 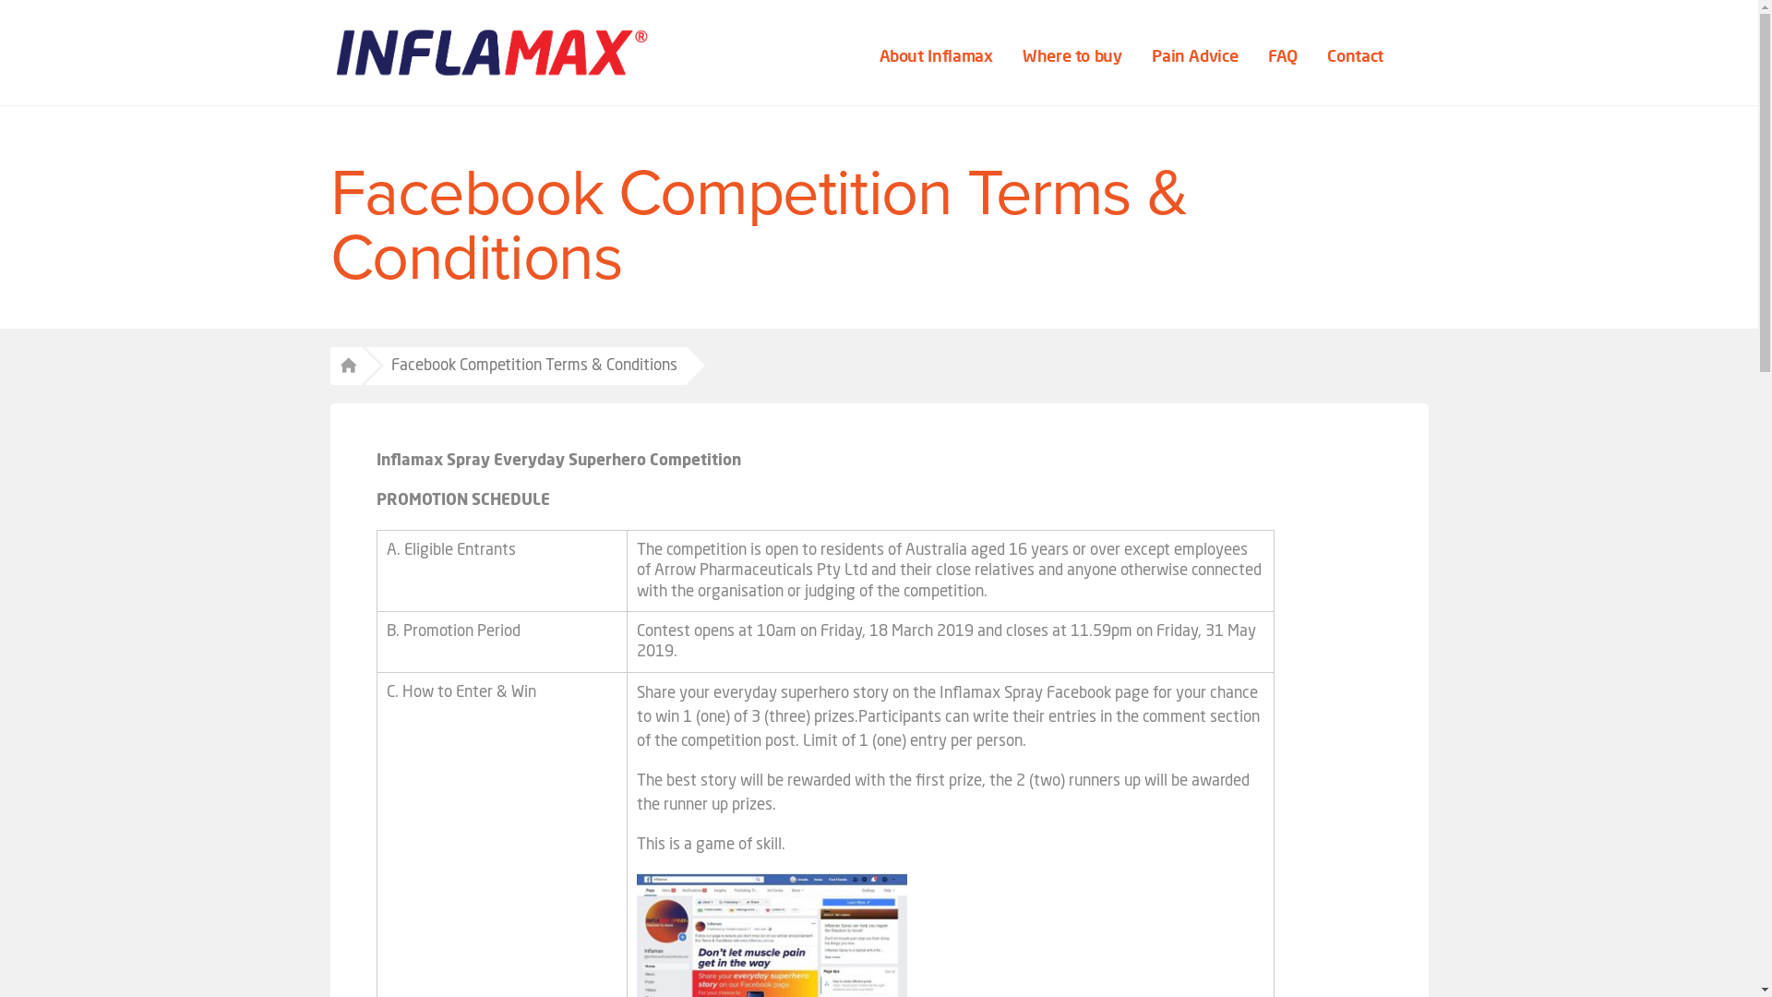 What do you see at coordinates (1357, 55) in the screenshot?
I see `'Contact '` at bounding box center [1357, 55].